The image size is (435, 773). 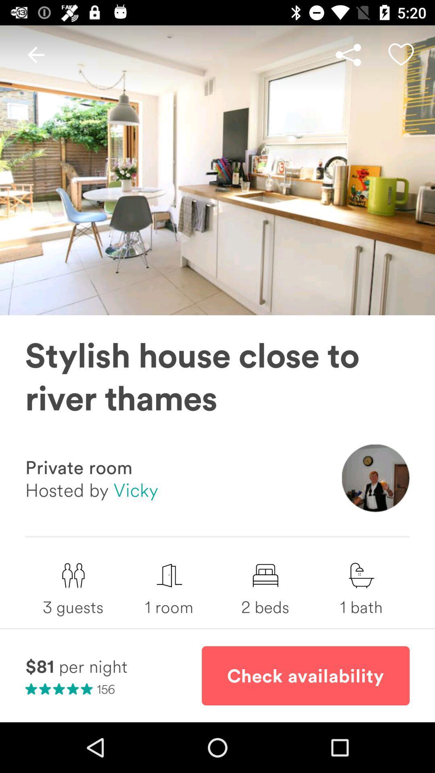 What do you see at coordinates (91, 489) in the screenshot?
I see `hosted by vicky` at bounding box center [91, 489].